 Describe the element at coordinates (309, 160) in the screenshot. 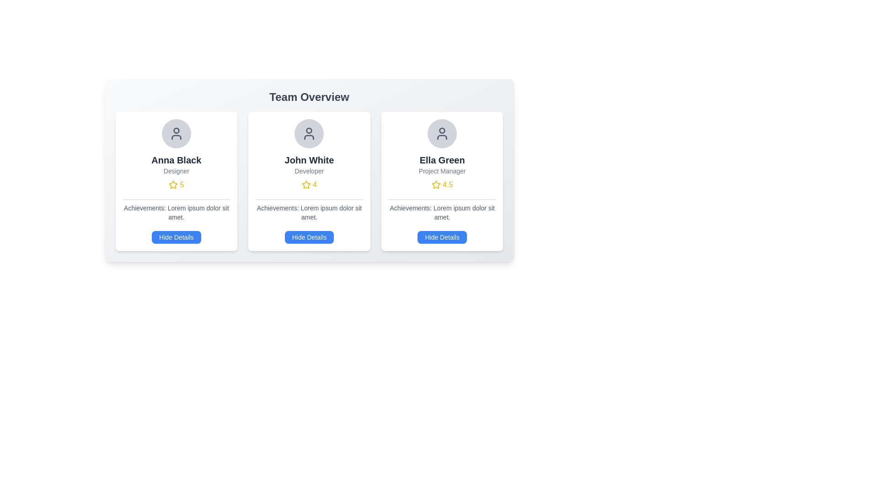

I see `the text label displaying 'John White', which is prominently styled in a larger, bold, dark font, located within the central profile card under the team overview section` at that location.